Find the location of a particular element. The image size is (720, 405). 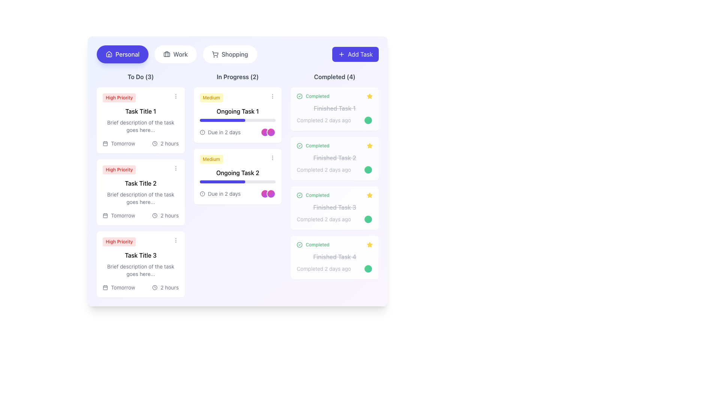

the text label that displays 'Completed' in a green font, located to the right of a check-in-circle icon in the 'Completed' section of the interface is located at coordinates (317, 195).